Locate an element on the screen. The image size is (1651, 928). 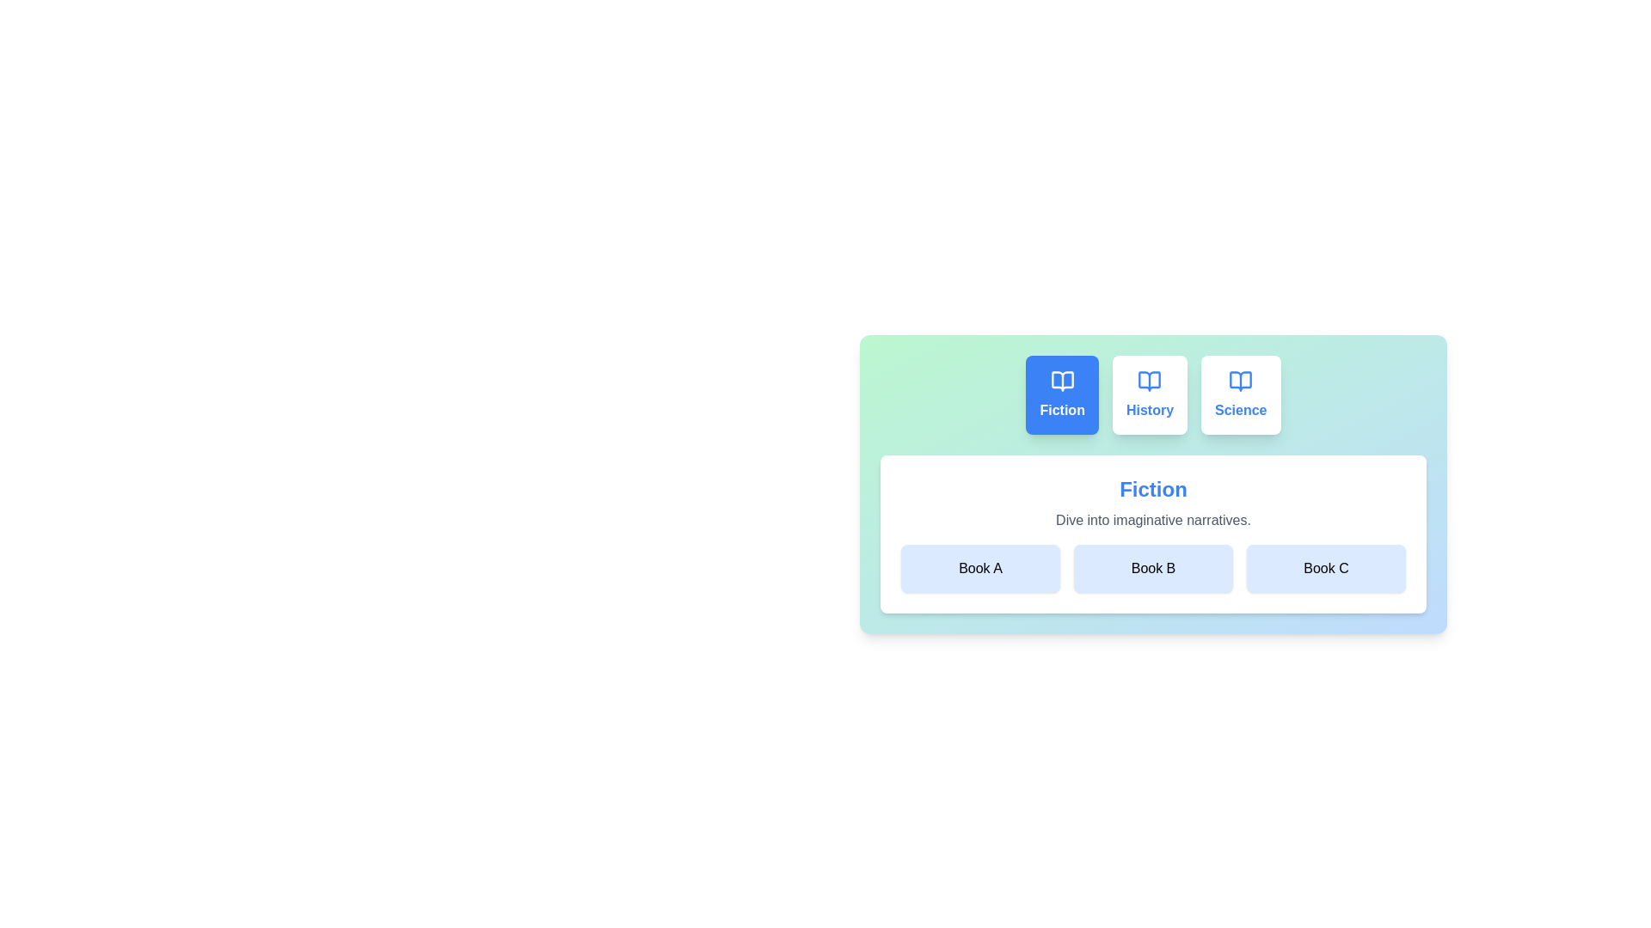
the tab labeled Science to observe its hover effect is located at coordinates (1241, 394).